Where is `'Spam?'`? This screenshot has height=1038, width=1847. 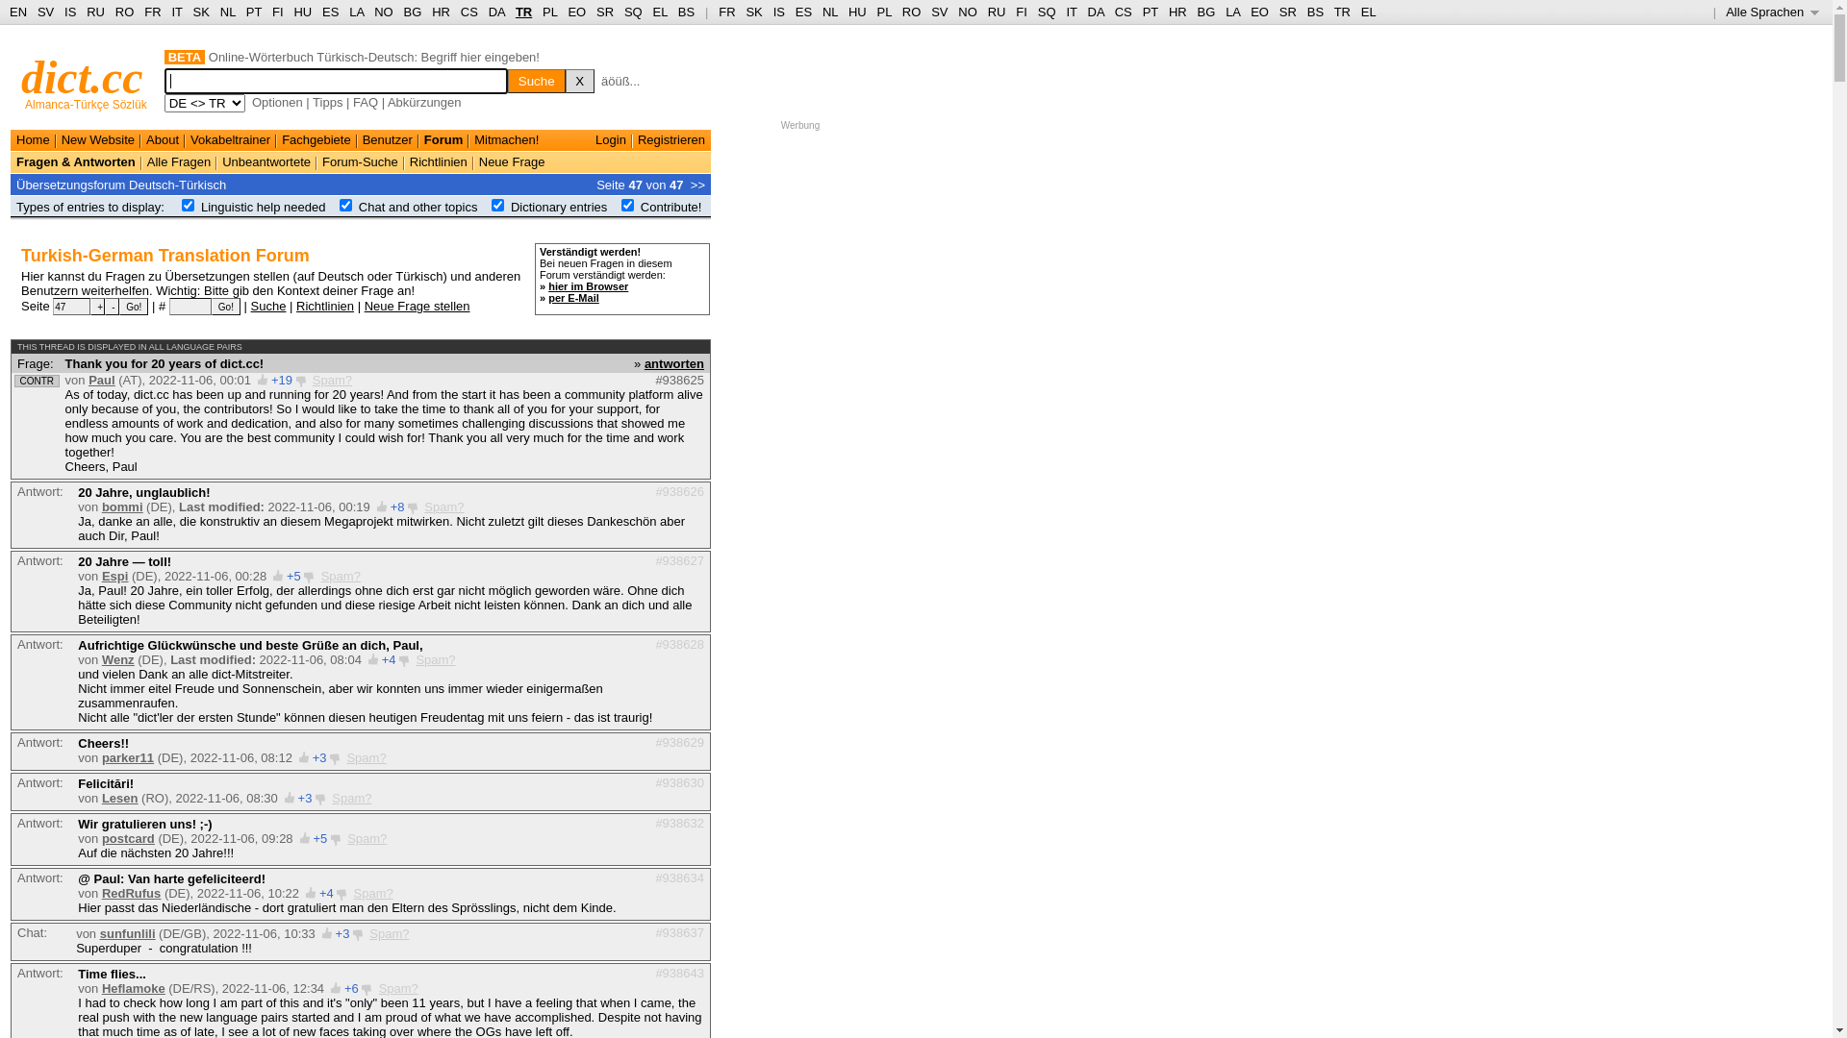
'Spam?' is located at coordinates (388, 932).